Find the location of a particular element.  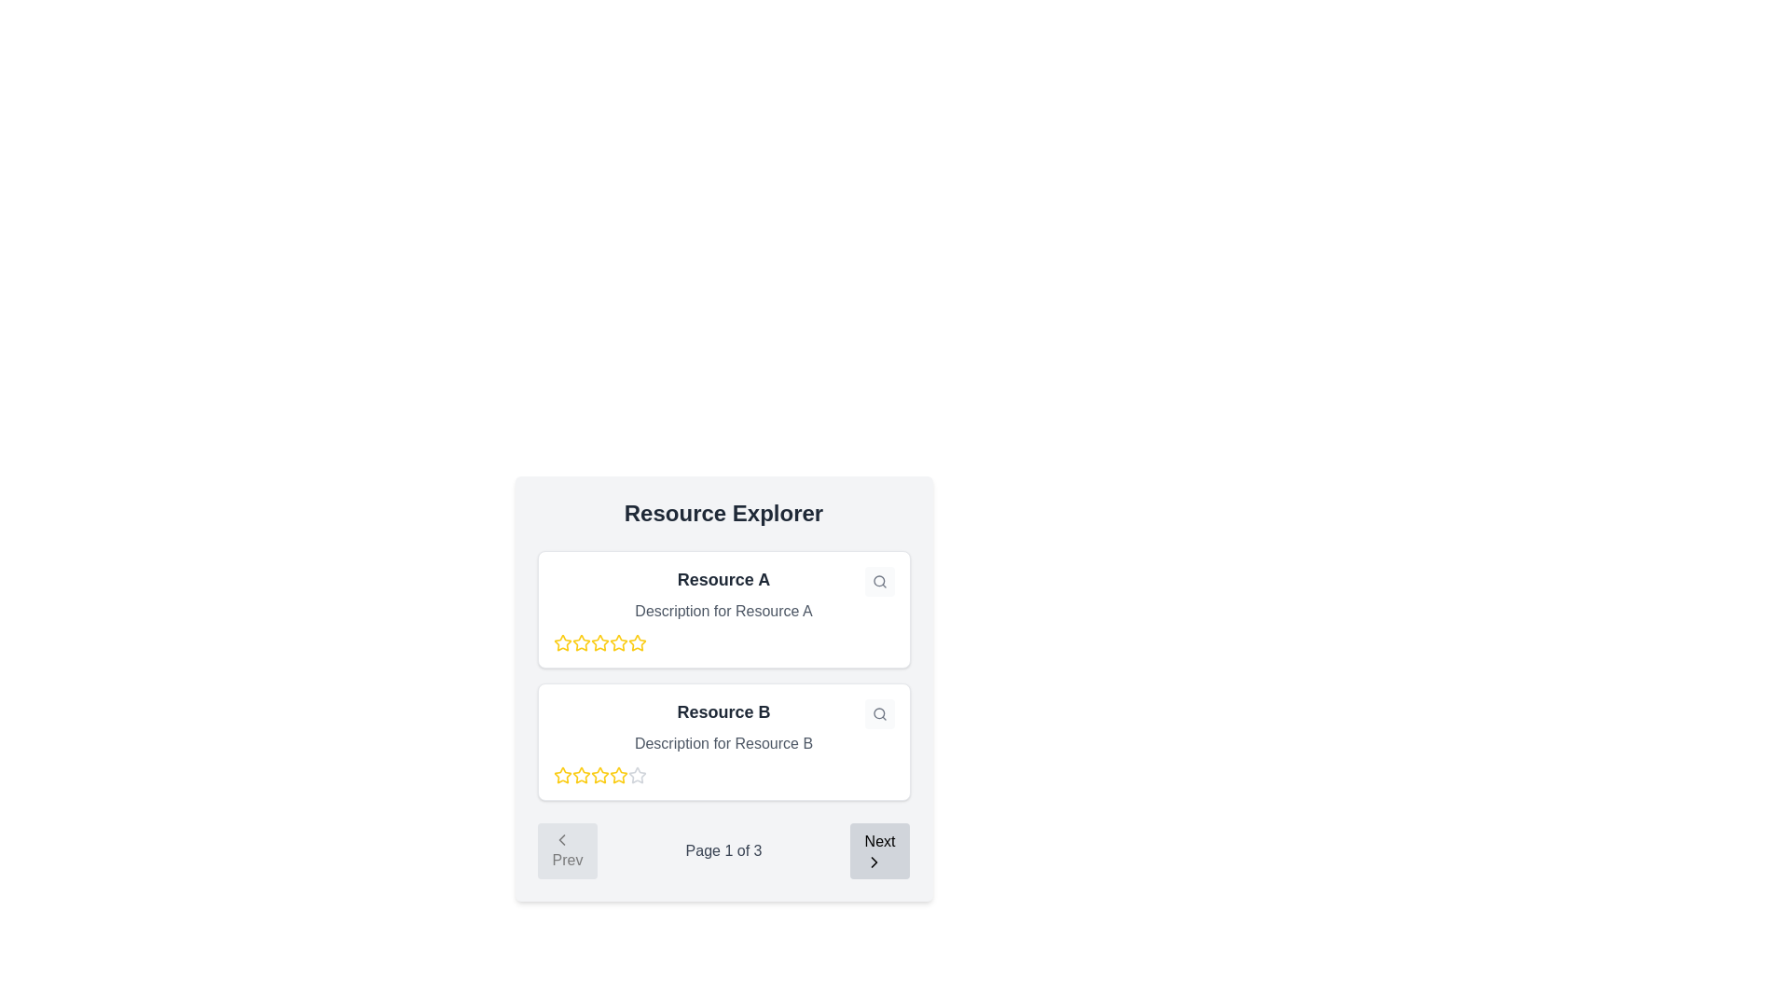

the last (fifth) gray star icon in the unselected state below the 'Resource B' title is located at coordinates (637, 776).